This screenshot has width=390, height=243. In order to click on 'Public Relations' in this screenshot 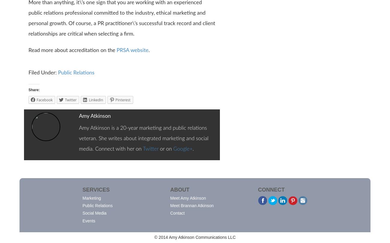, I will do `click(82, 205)`.